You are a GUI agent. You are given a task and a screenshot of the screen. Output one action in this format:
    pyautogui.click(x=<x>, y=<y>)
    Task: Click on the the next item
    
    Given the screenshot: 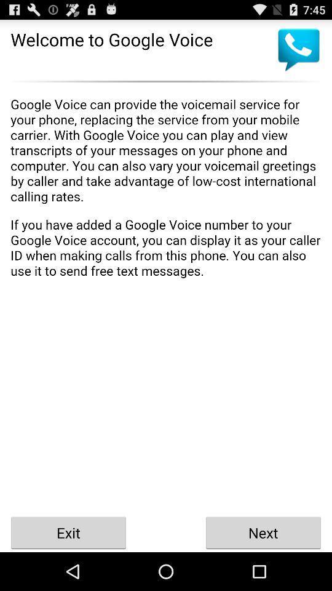 What is the action you would take?
    pyautogui.click(x=263, y=532)
    